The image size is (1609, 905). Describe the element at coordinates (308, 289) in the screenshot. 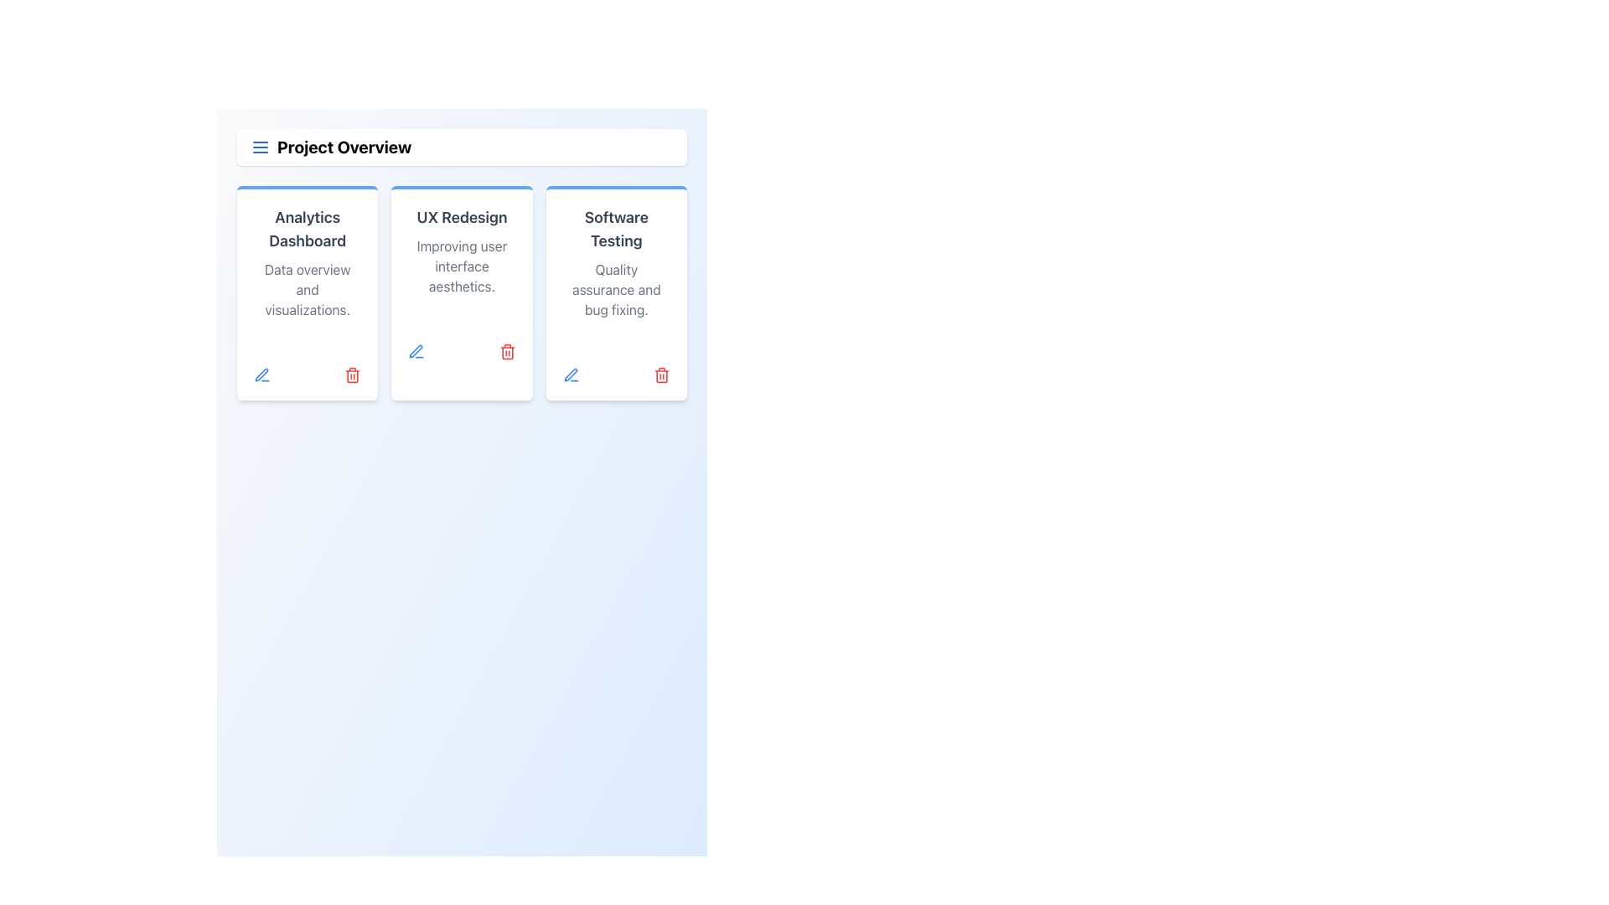

I see `the static text element containing the phrase 'Data overview and visualizations.' which is styled in light gray and located below the 'Analytics Dashboard' heading inside the card component` at that location.